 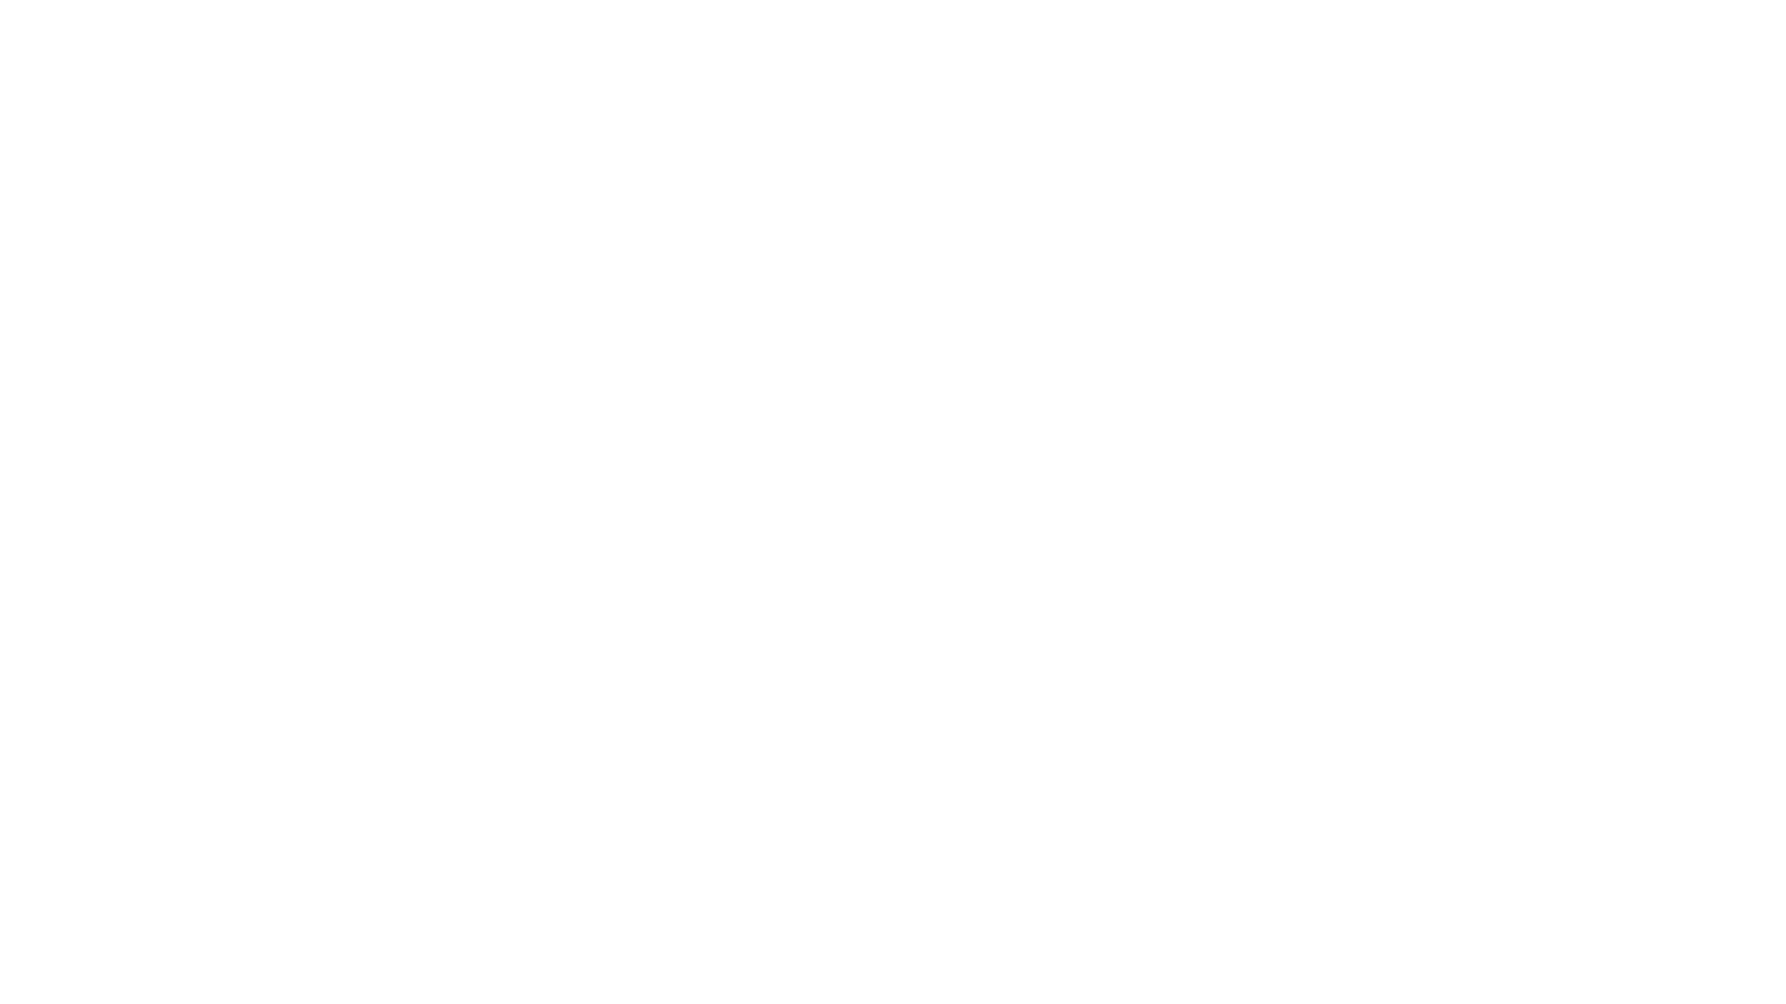 I want to click on Register Now, so click(x=891, y=422).